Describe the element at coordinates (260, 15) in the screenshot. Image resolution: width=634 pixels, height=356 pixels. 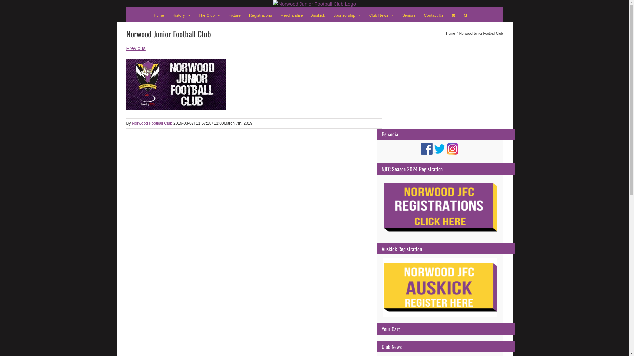
I see `'Registrations'` at that location.